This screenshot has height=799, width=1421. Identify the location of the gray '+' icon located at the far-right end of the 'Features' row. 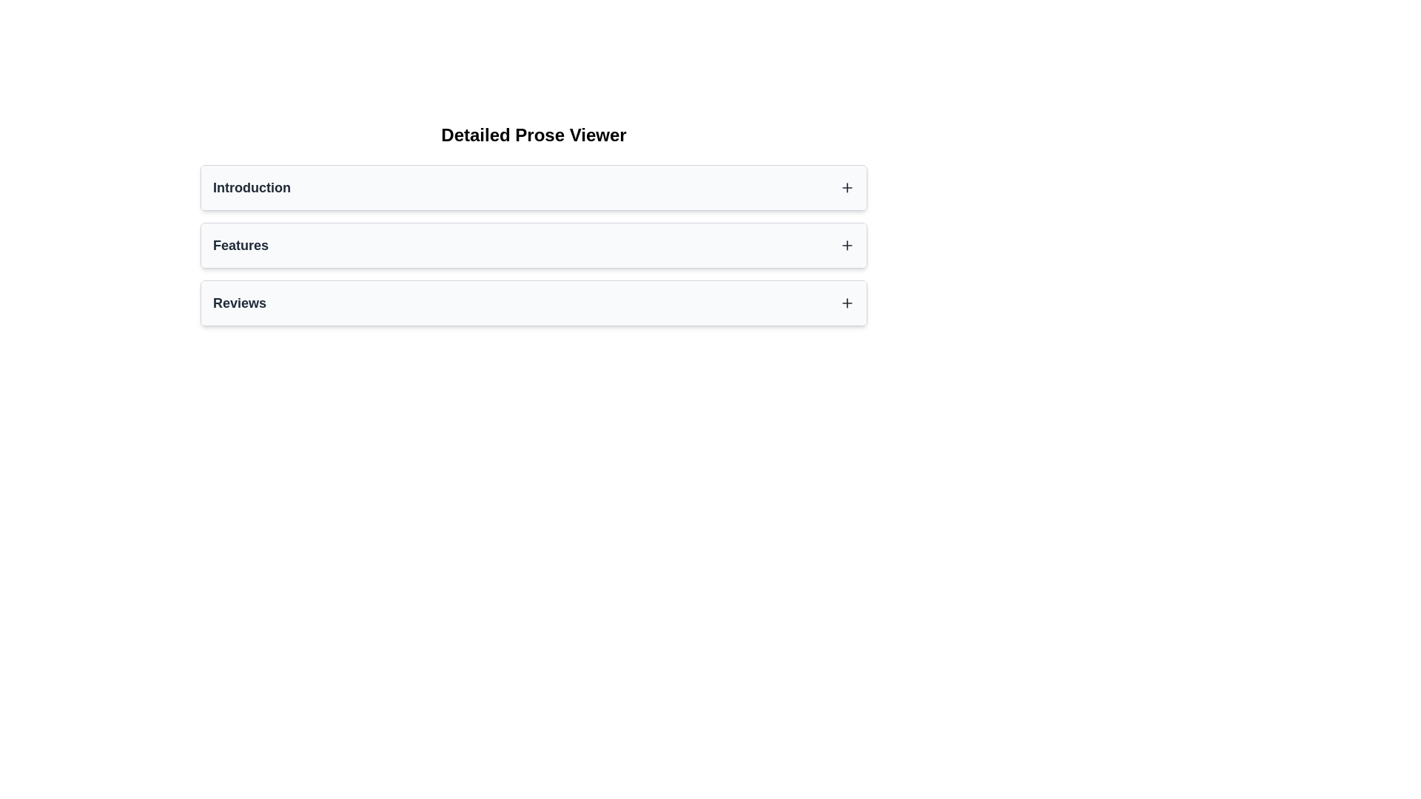
(847, 244).